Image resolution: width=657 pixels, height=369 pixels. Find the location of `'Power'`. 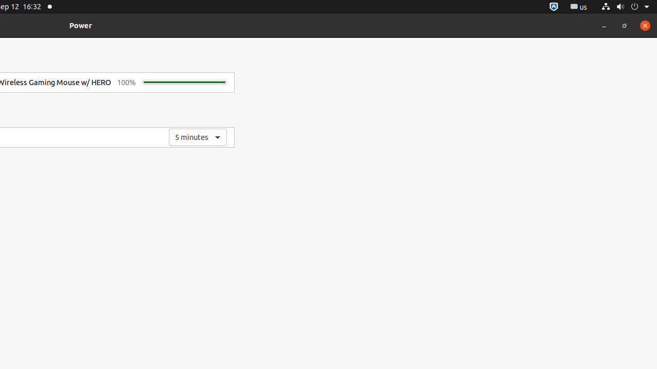

'Power' is located at coordinates (80, 25).